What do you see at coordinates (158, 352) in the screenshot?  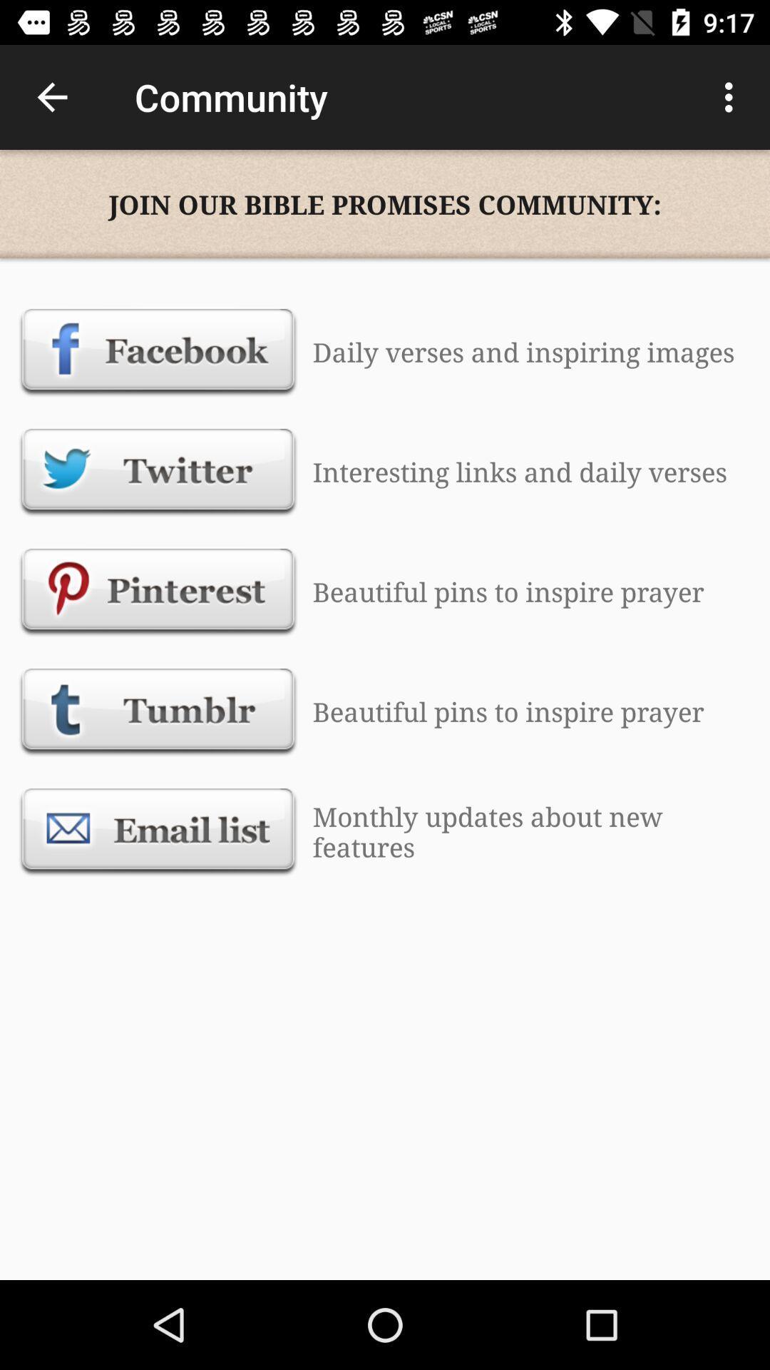 I see `item to the left of daily verses and item` at bounding box center [158, 352].